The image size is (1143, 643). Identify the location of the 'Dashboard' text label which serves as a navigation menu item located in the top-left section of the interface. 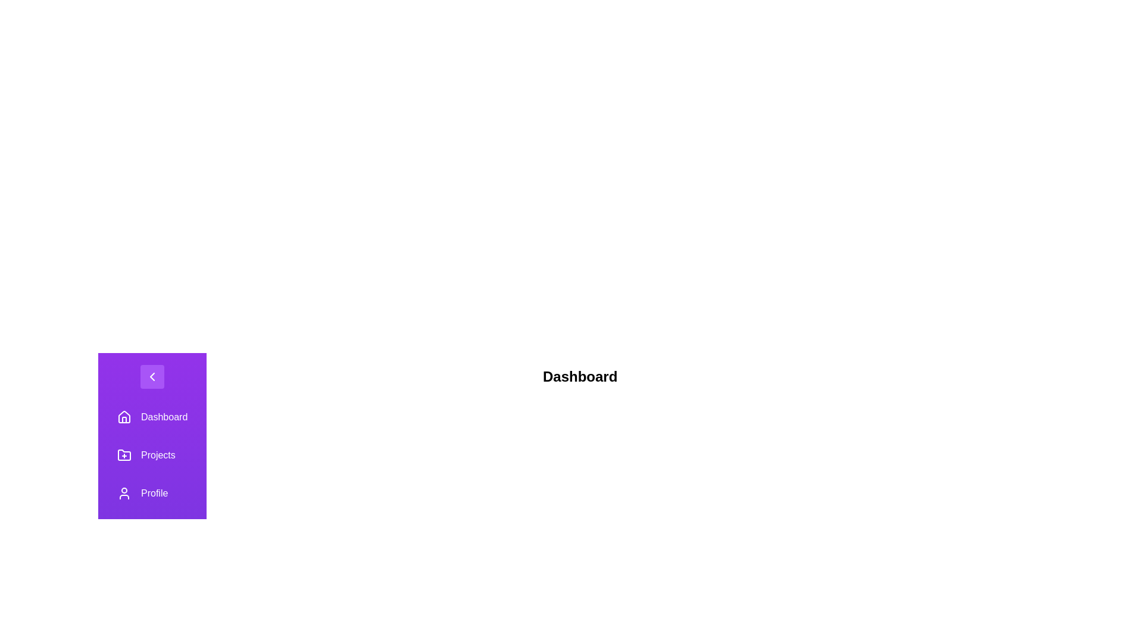
(164, 417).